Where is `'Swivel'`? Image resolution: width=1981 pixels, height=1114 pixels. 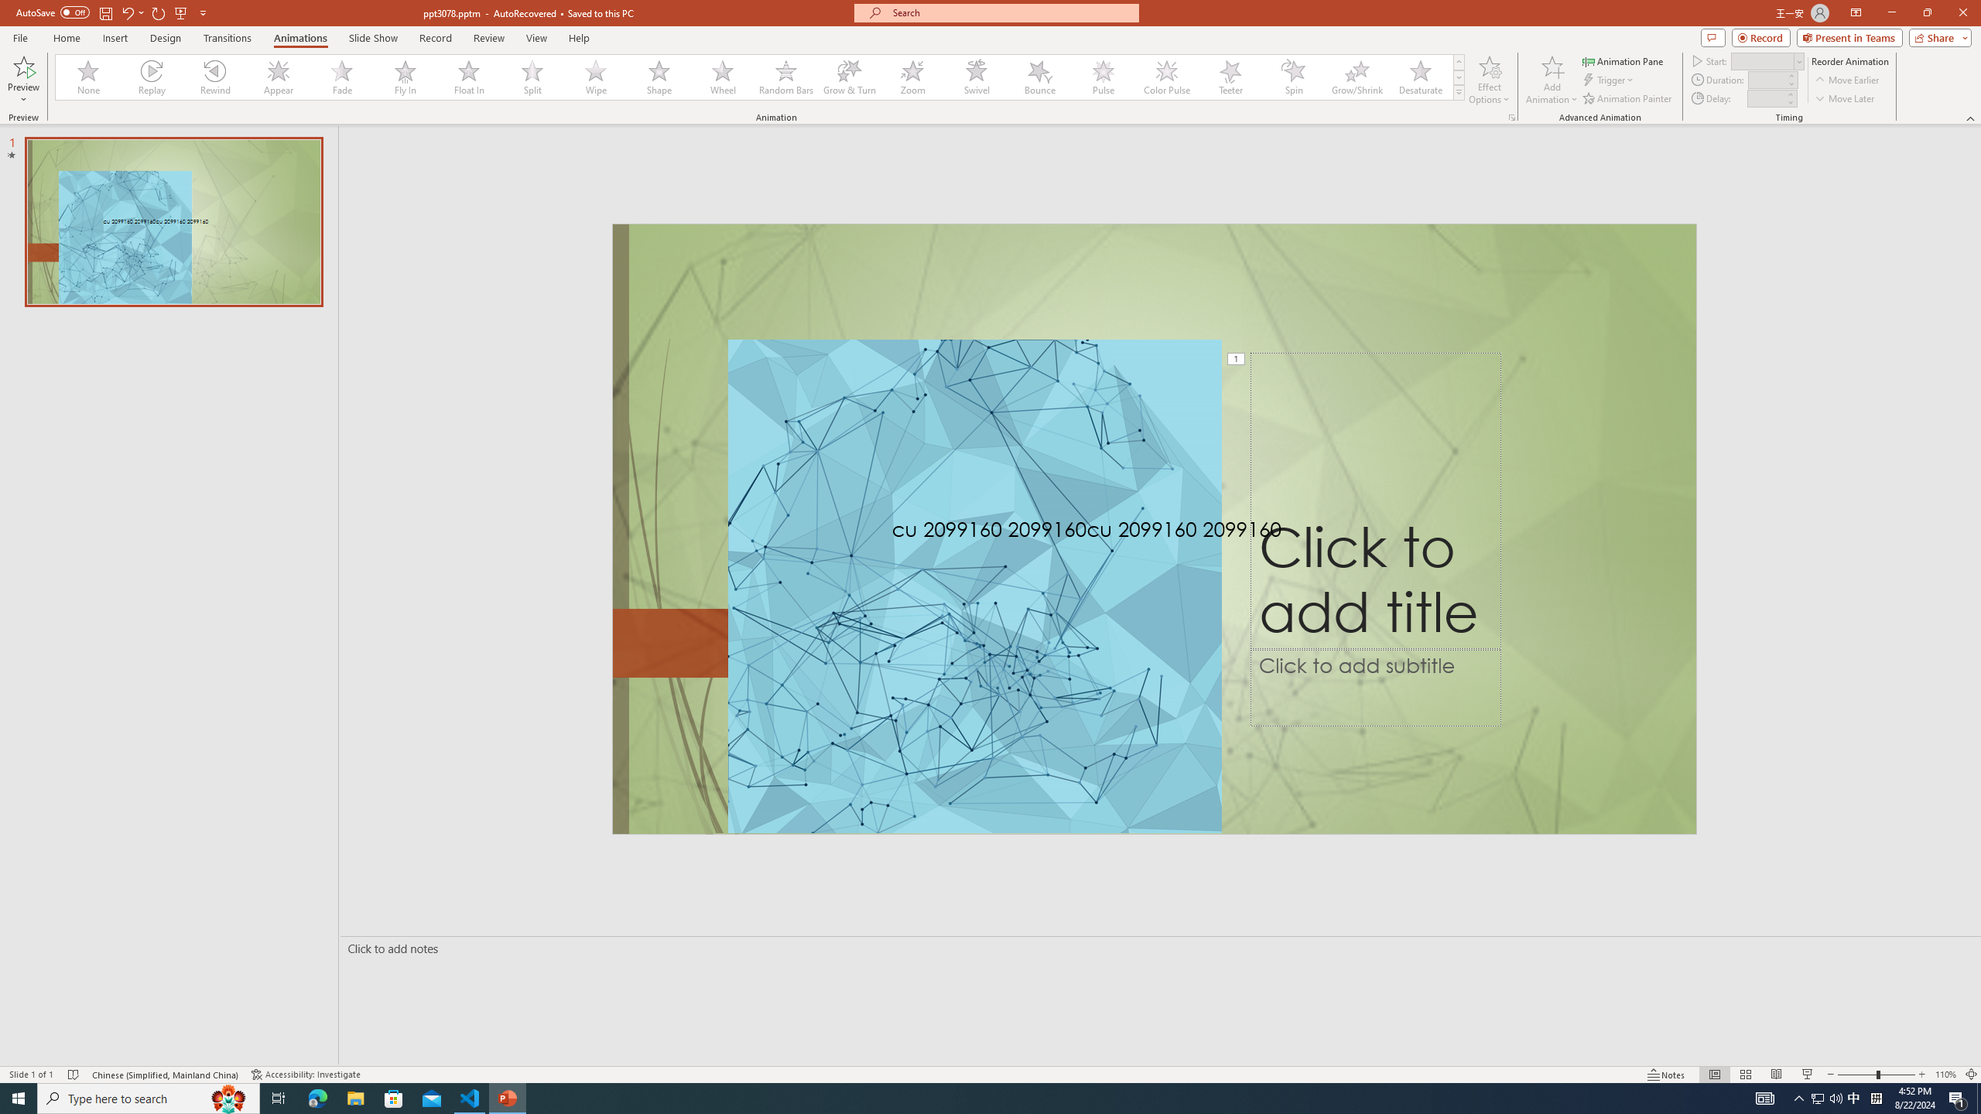 'Swivel' is located at coordinates (976, 77).